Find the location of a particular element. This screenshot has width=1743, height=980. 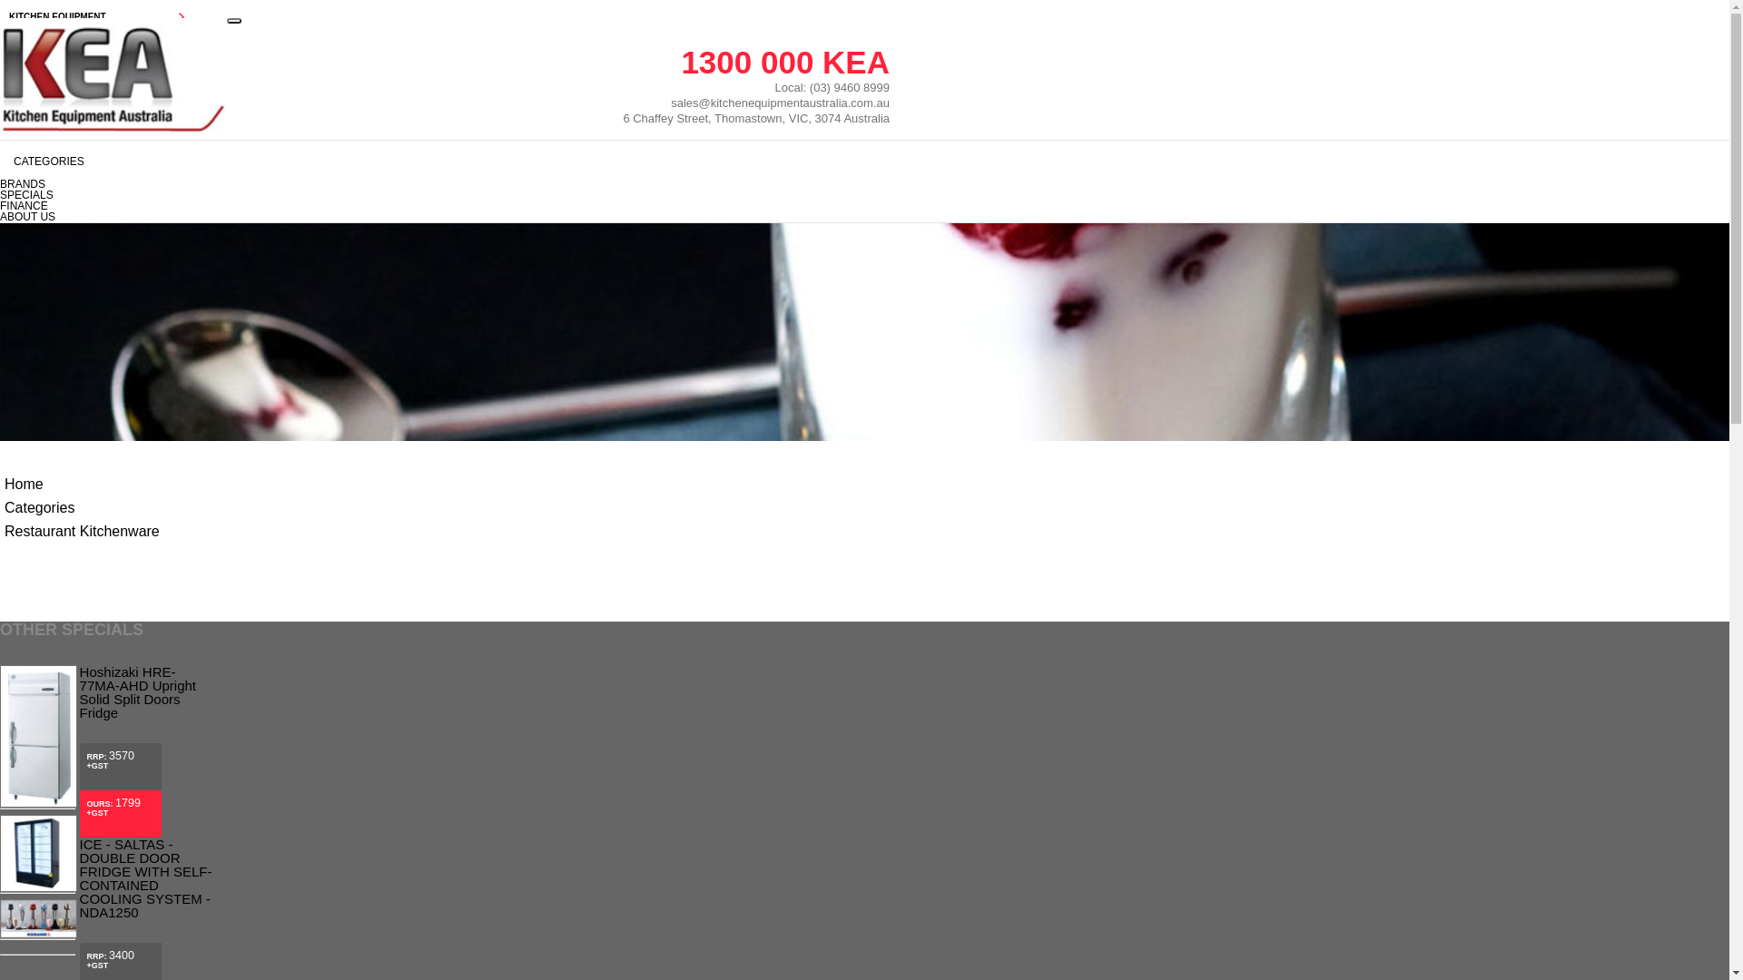

'BRANDS' is located at coordinates (22, 184).